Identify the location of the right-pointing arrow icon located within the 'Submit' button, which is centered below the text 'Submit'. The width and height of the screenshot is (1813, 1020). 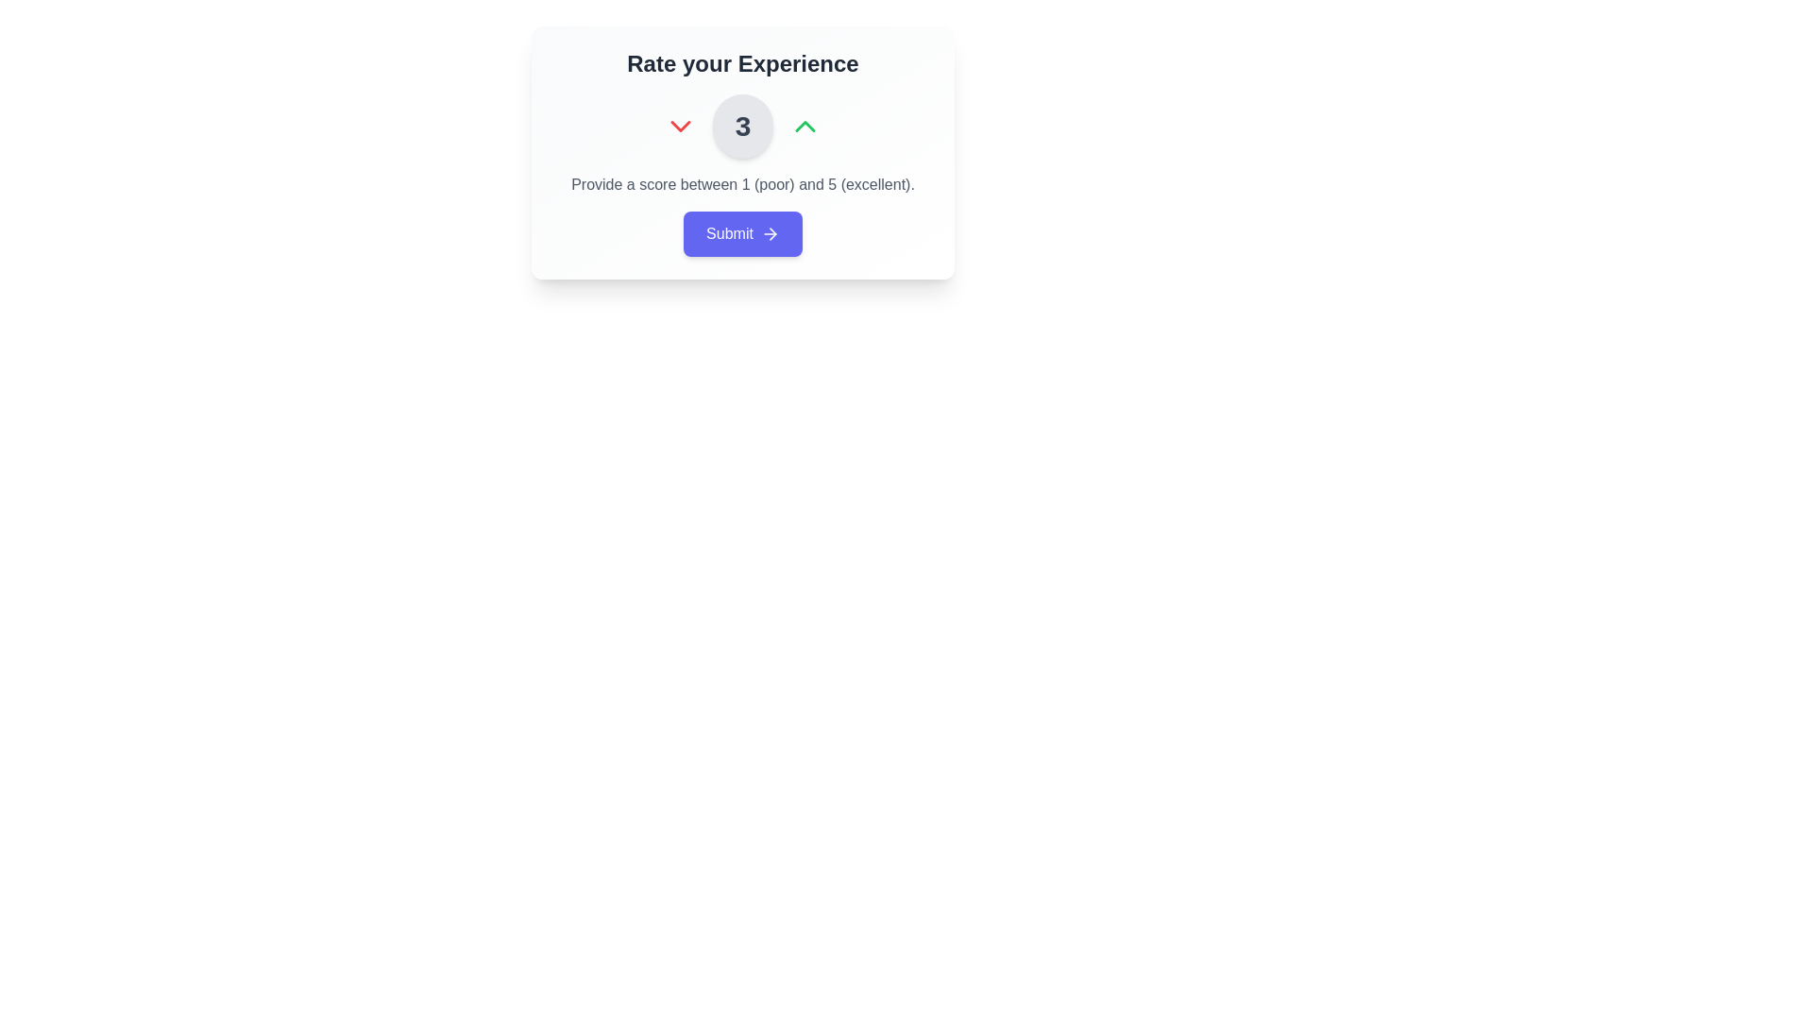
(770, 232).